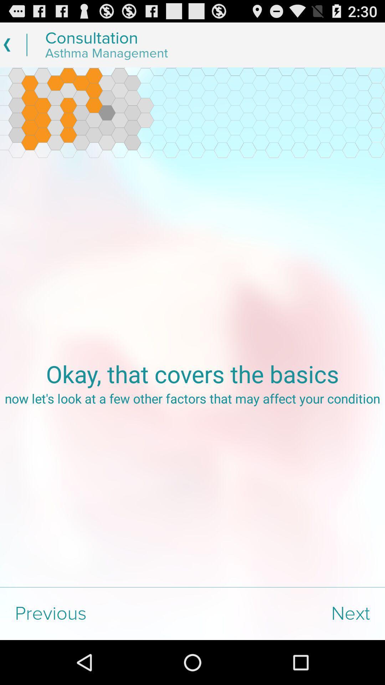 Image resolution: width=385 pixels, height=685 pixels. Describe the element at coordinates (96, 613) in the screenshot. I see `the app next to the next icon` at that location.